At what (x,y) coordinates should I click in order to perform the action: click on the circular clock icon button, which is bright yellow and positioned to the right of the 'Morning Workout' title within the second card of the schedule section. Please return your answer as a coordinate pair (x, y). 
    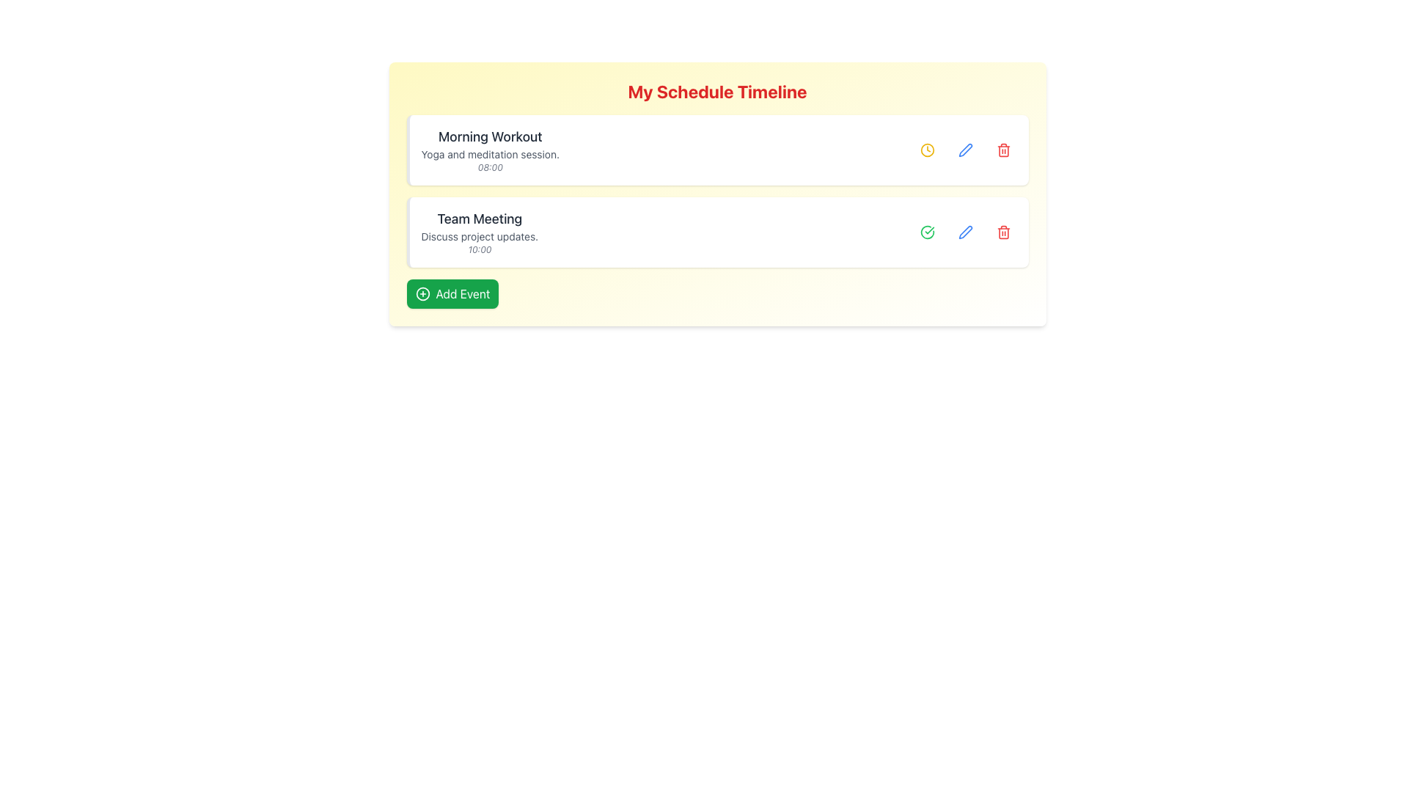
    Looking at the image, I should click on (926, 150).